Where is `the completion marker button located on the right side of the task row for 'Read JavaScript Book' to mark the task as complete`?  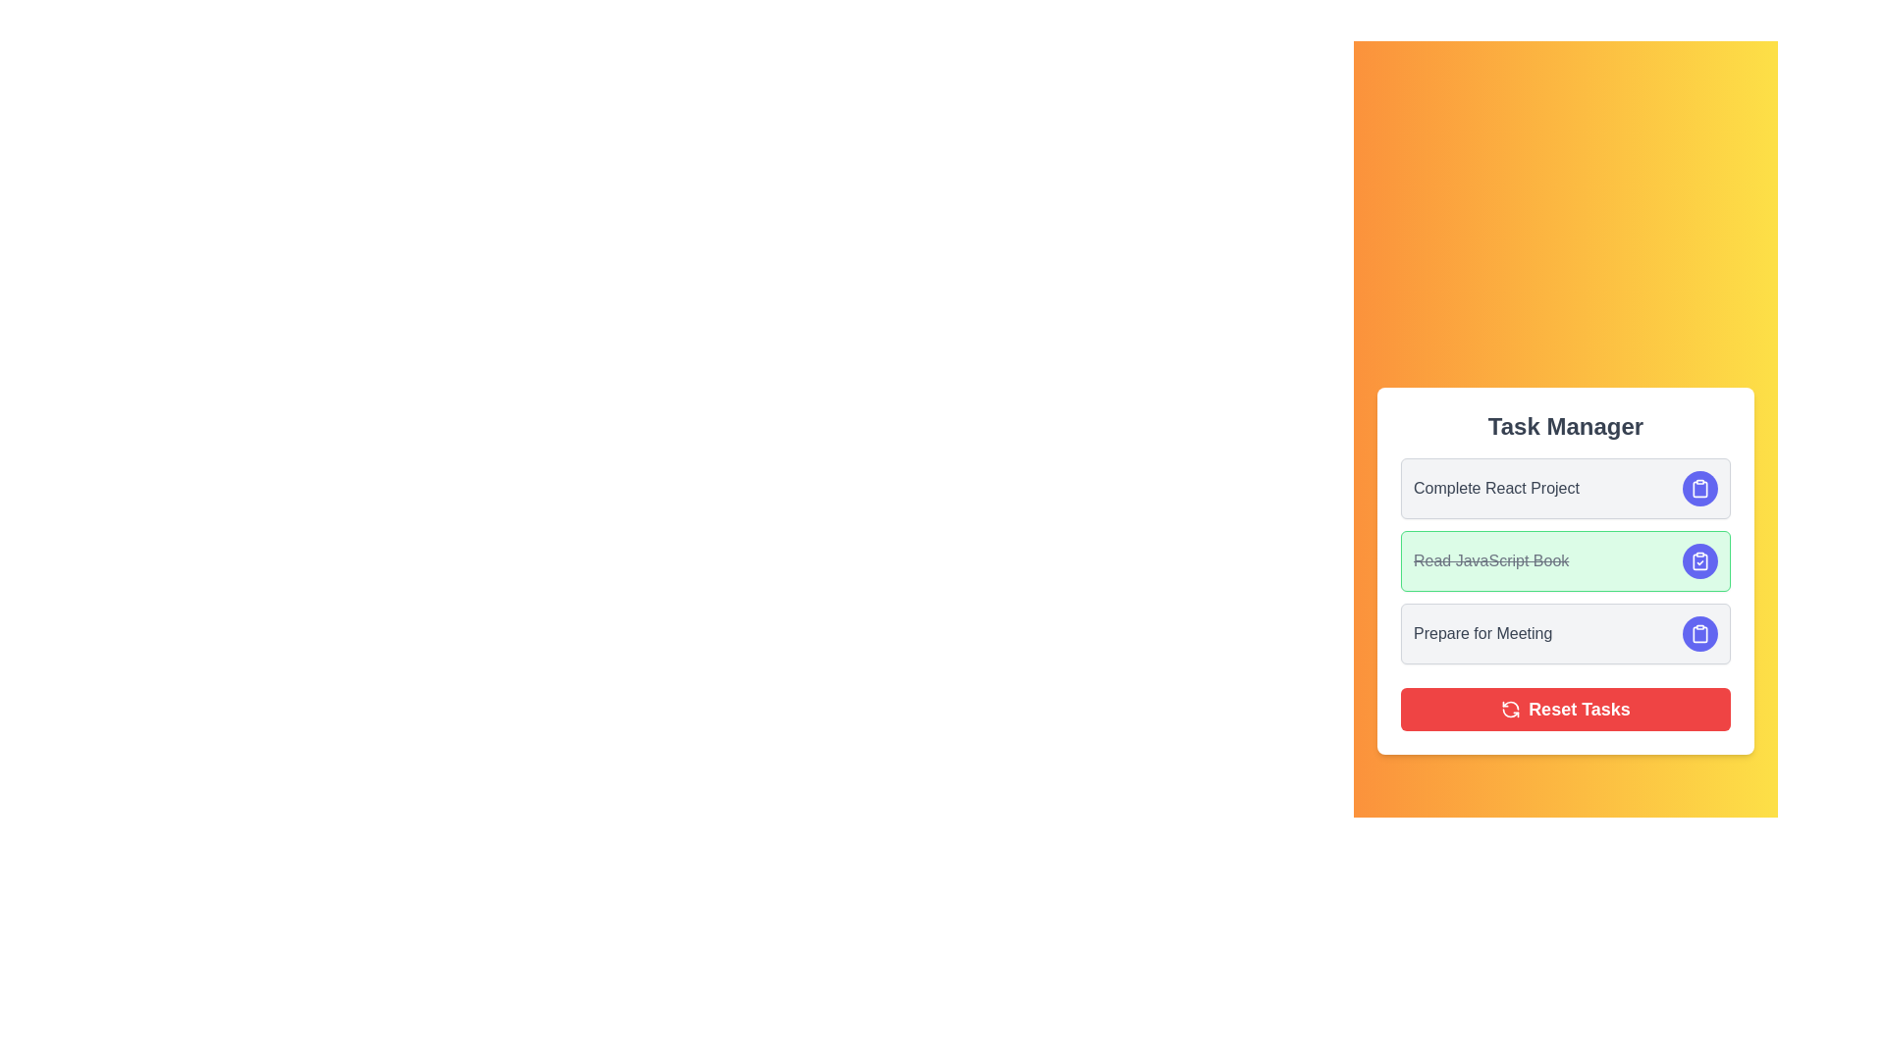
the completion marker button located on the right side of the task row for 'Read JavaScript Book' to mark the task as complete is located at coordinates (1699, 560).